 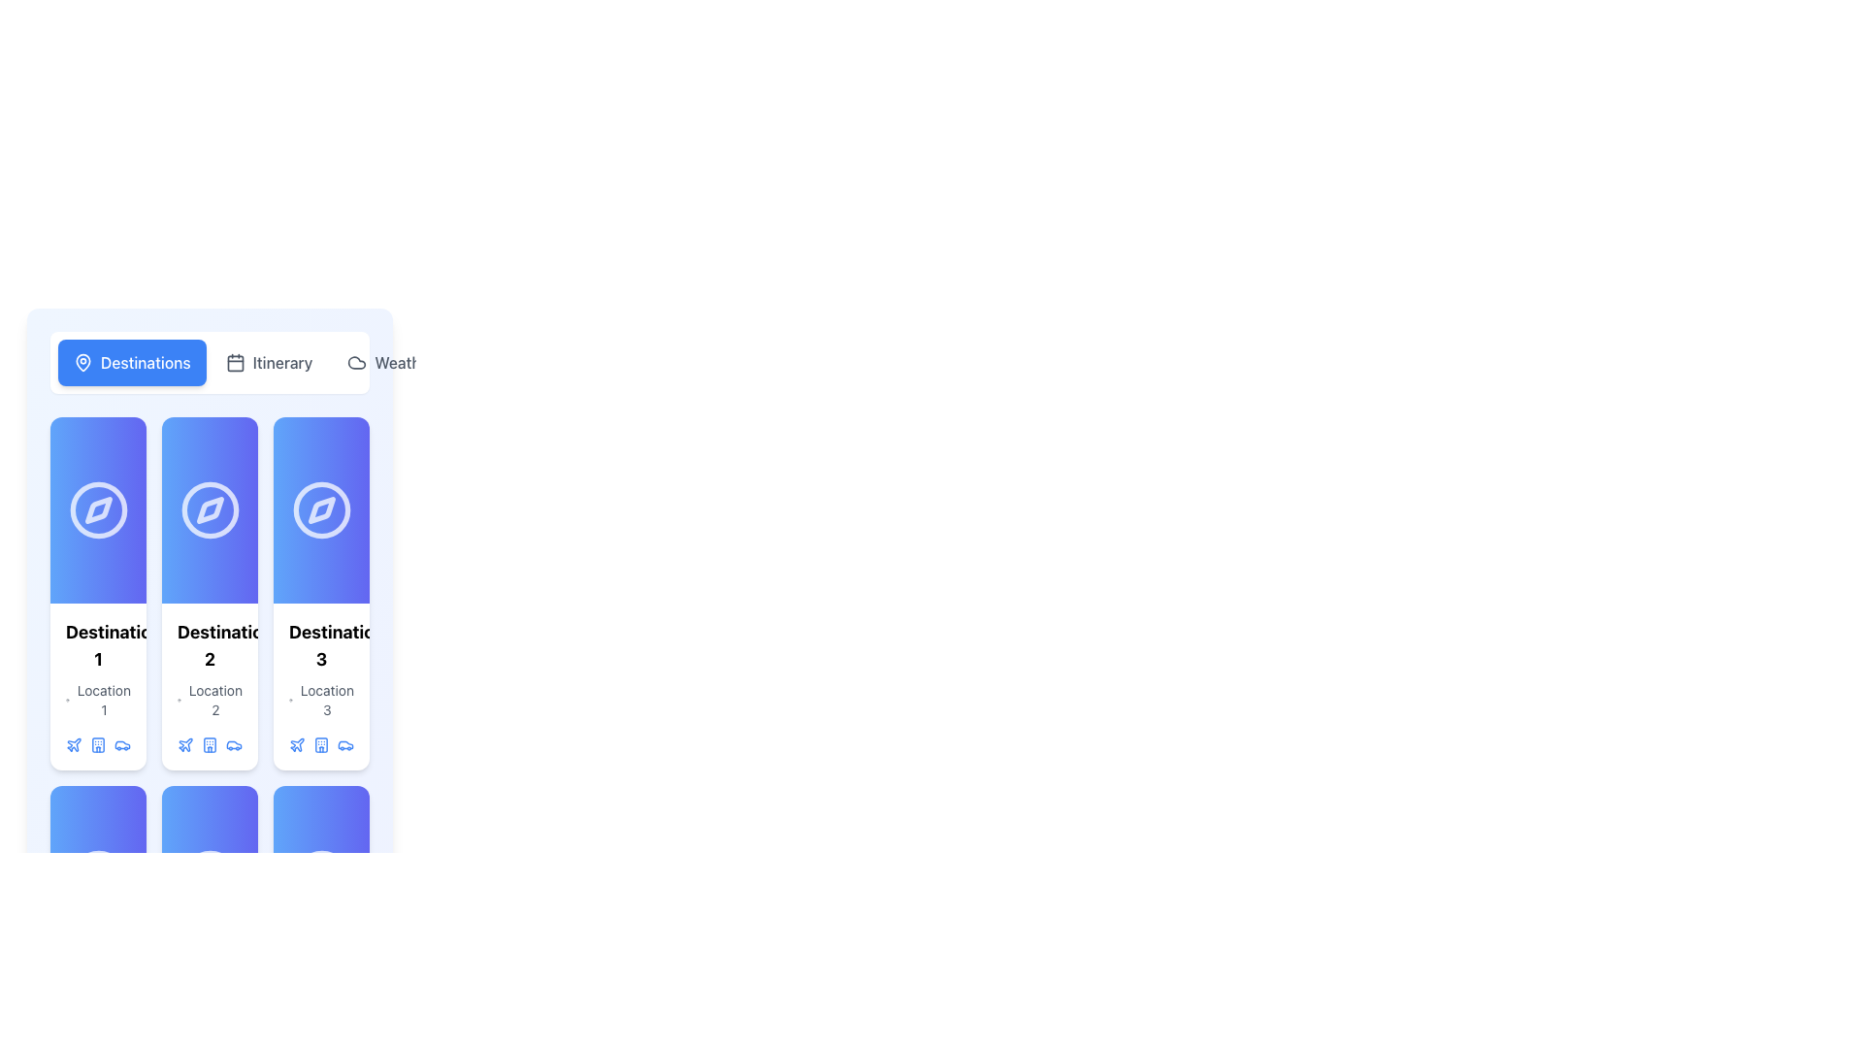 What do you see at coordinates (74, 743) in the screenshot?
I see `the air travel icon located at the bottom section of the third card in a horizontal card layout` at bounding box center [74, 743].